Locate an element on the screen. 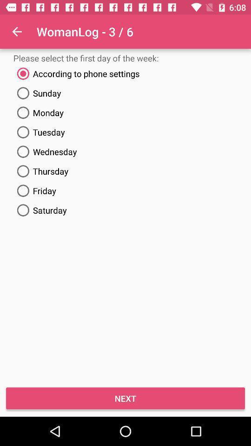 The image size is (251, 446). the monday is located at coordinates (125, 112).